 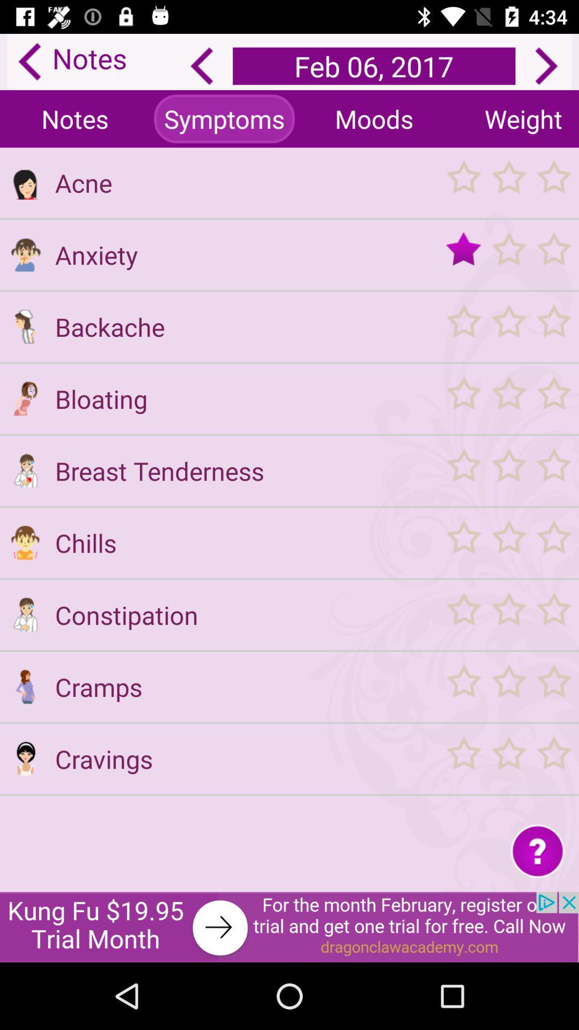 What do you see at coordinates (508, 615) in the screenshot?
I see `rate constipation symptoms` at bounding box center [508, 615].